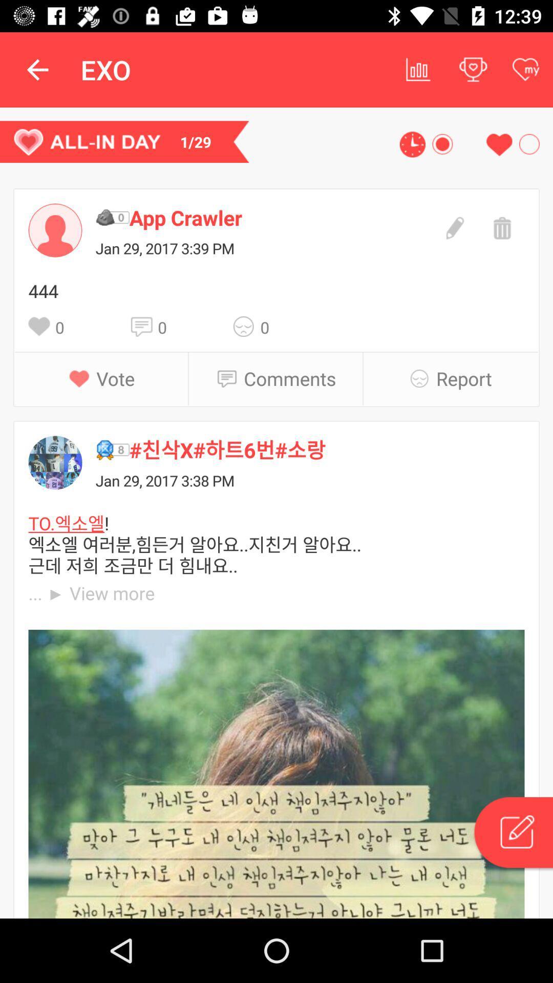  What do you see at coordinates (513, 834) in the screenshot?
I see `post` at bounding box center [513, 834].